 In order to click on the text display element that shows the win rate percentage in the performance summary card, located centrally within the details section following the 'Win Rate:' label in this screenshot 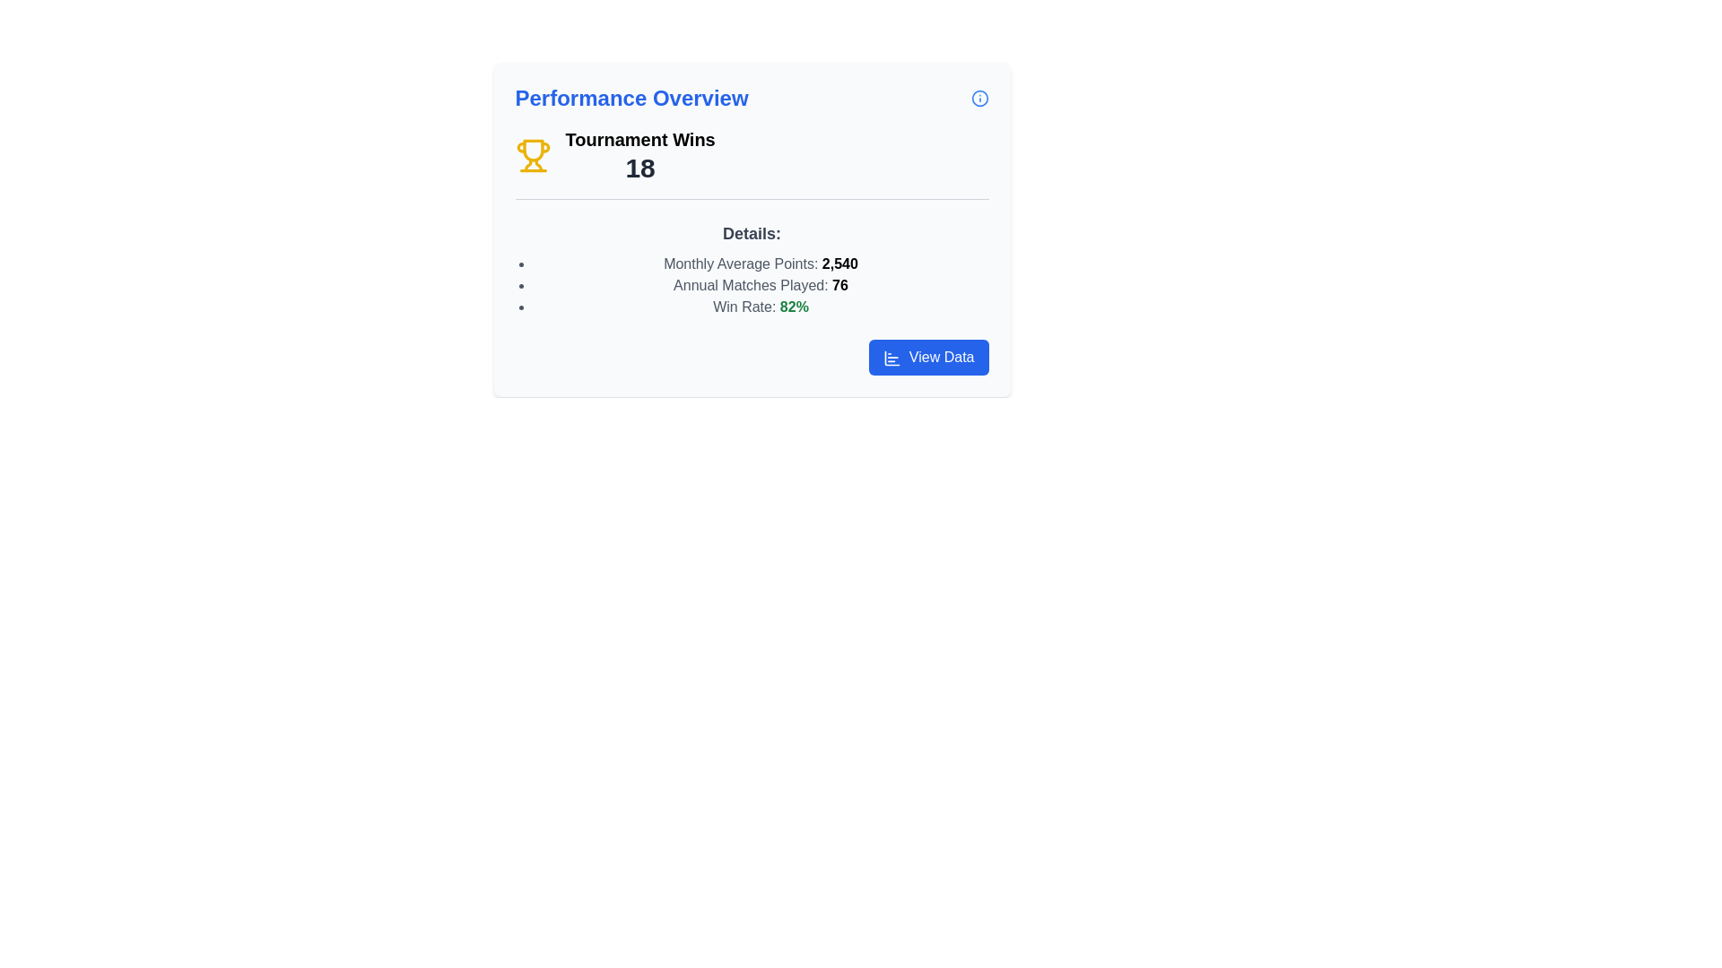, I will do `click(793, 306)`.